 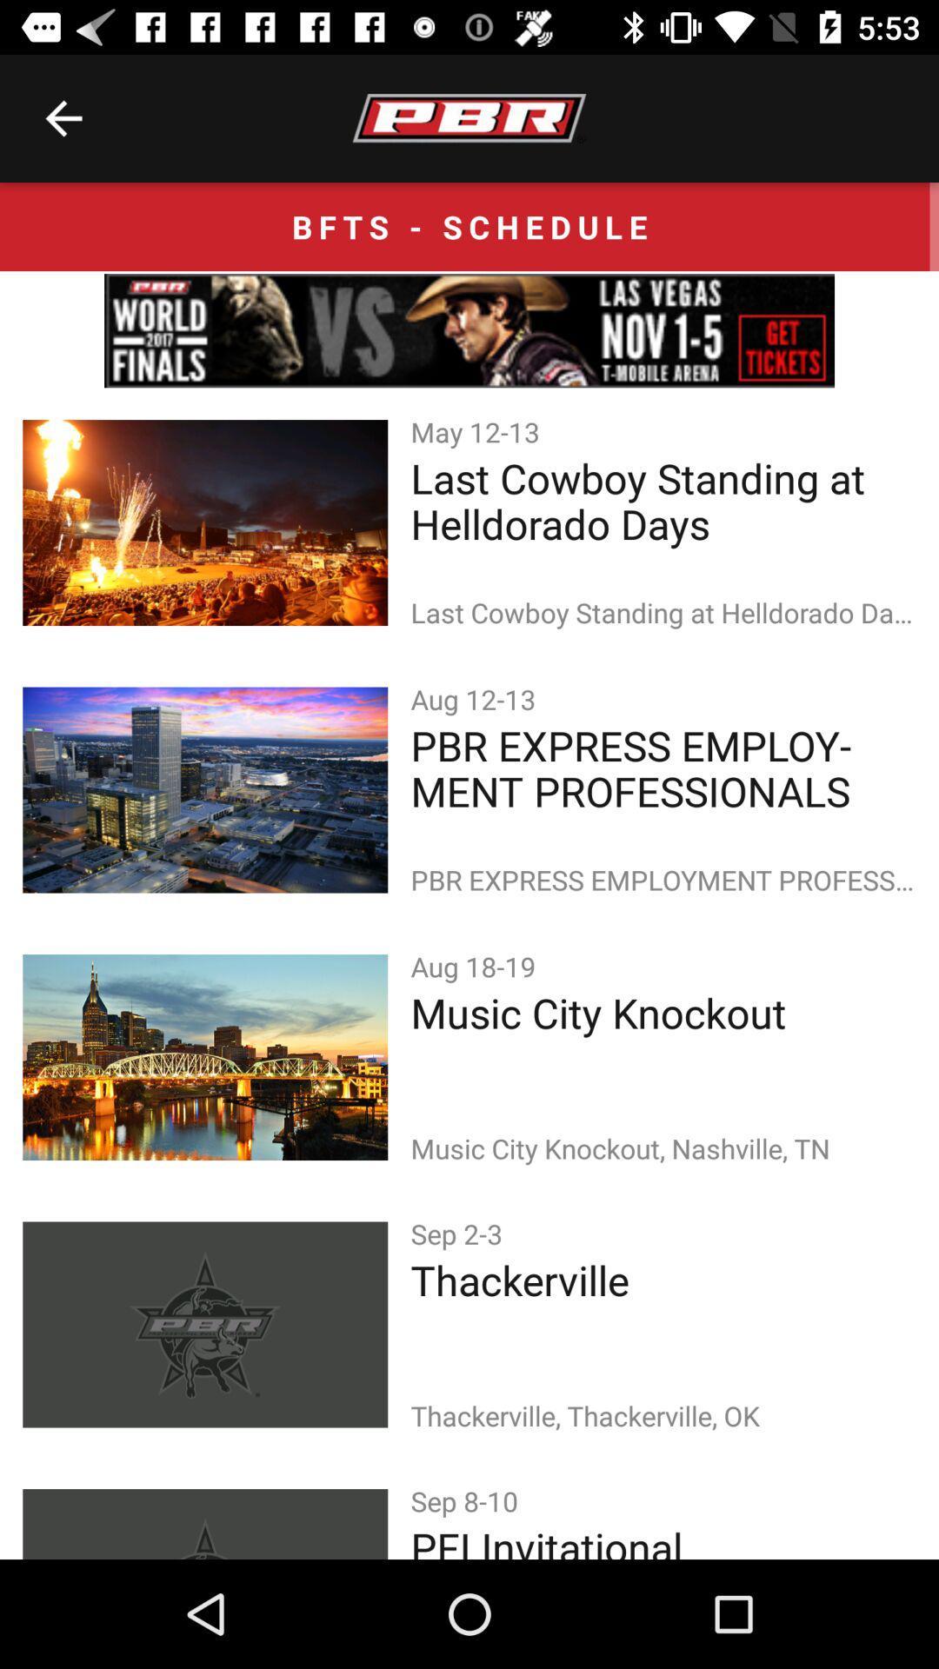 What do you see at coordinates (663, 1539) in the screenshot?
I see `the pfi invitational` at bounding box center [663, 1539].